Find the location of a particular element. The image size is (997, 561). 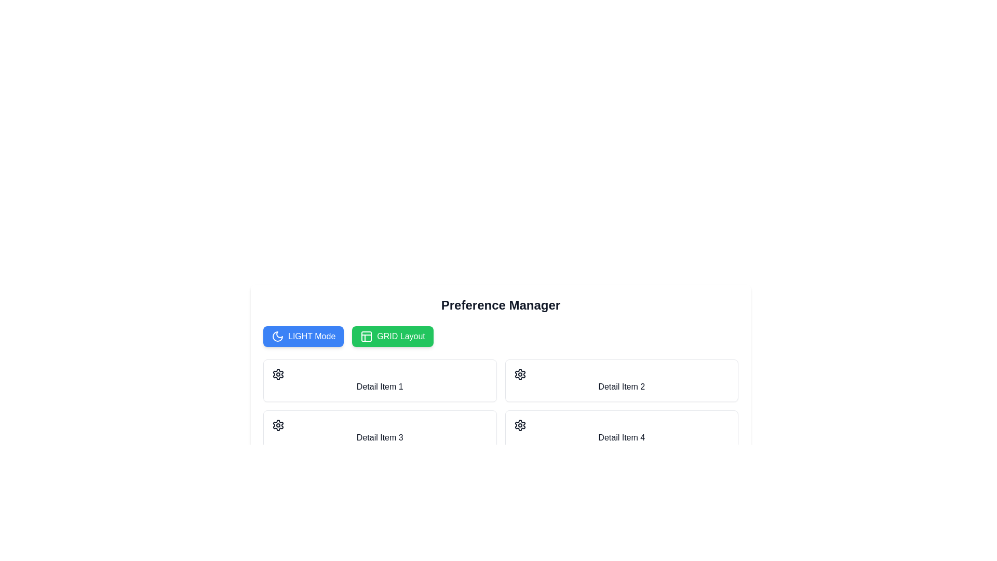

the moon or dark mode icon located in the top-left portion of the interface, adjacent to the 'LIGHT Mode' button is located at coordinates (277, 337).